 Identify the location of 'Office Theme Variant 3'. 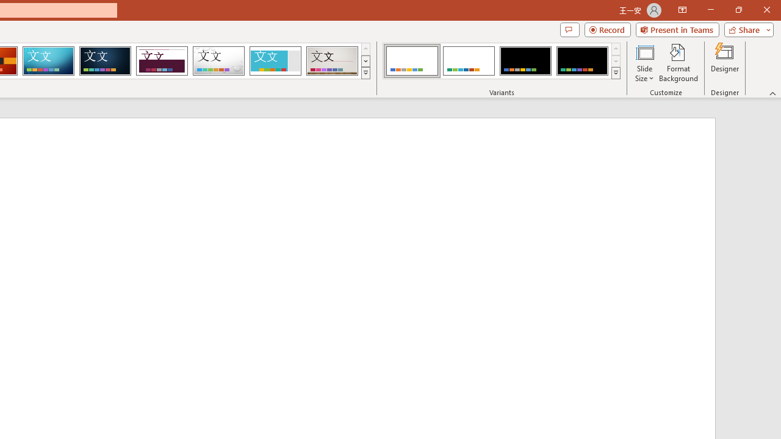
(525, 61).